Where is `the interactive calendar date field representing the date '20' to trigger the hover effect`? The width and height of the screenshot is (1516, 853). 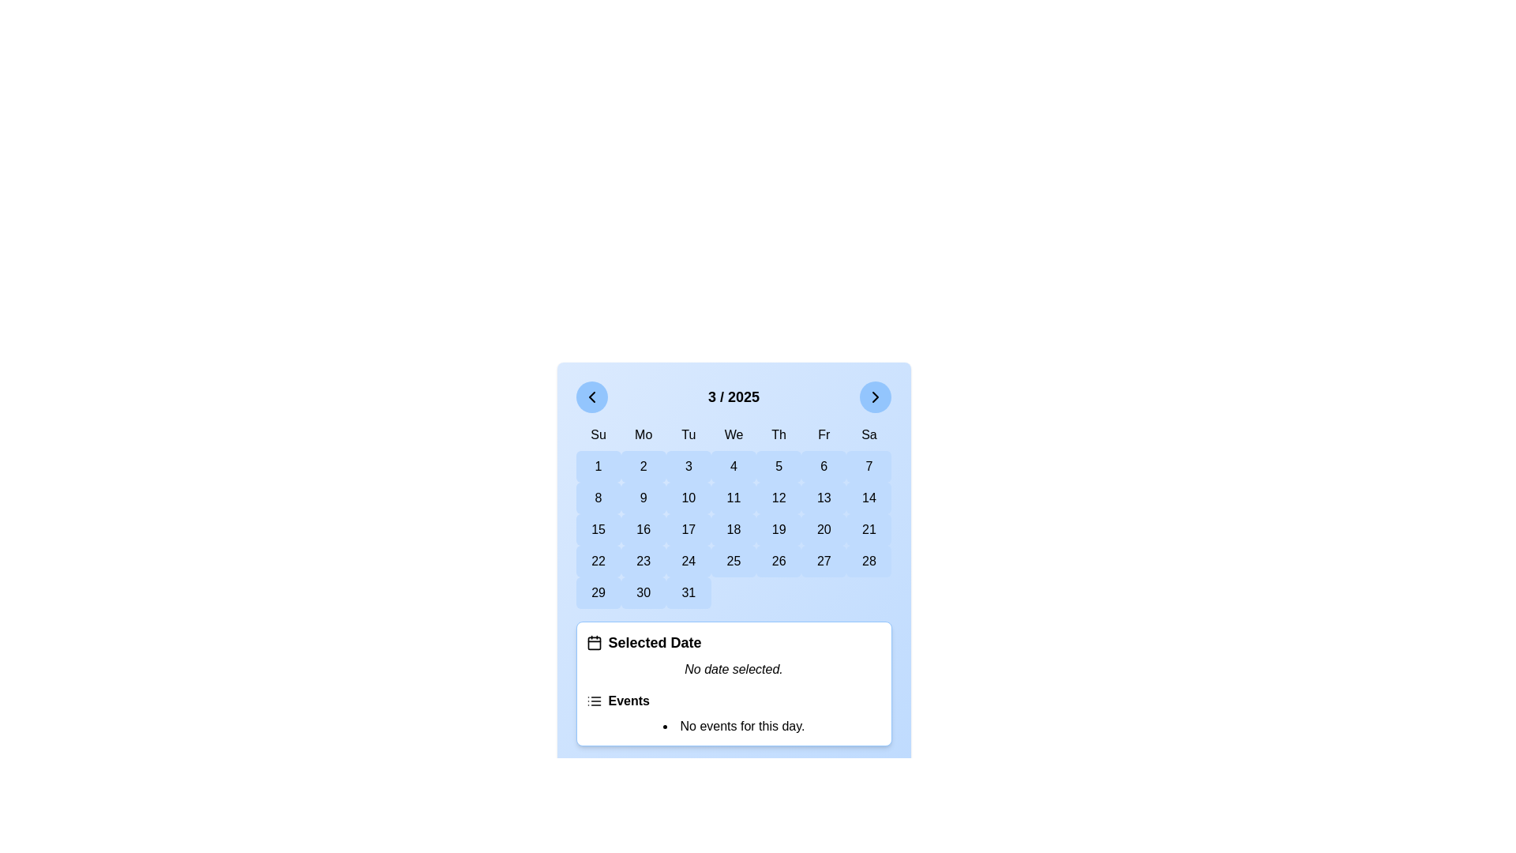
the interactive calendar date field representing the date '20' to trigger the hover effect is located at coordinates (823, 530).